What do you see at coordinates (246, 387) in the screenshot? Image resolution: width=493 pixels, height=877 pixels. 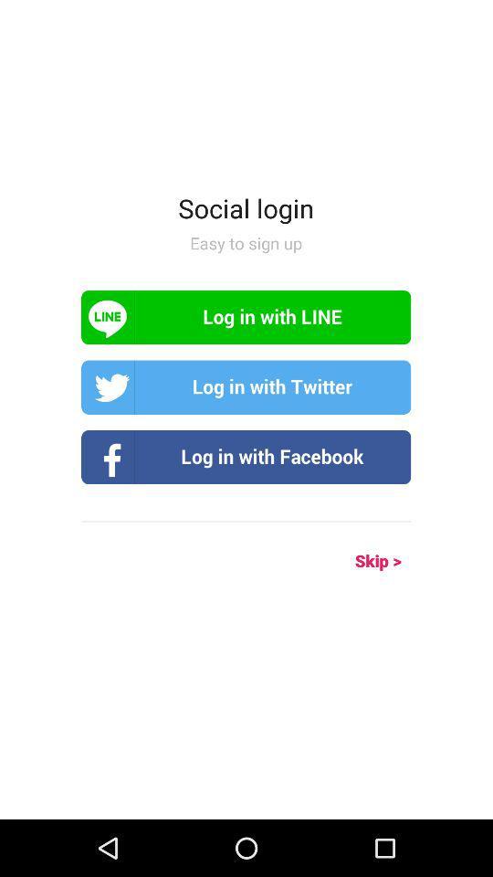 I see `log in with twitter buttion` at bounding box center [246, 387].